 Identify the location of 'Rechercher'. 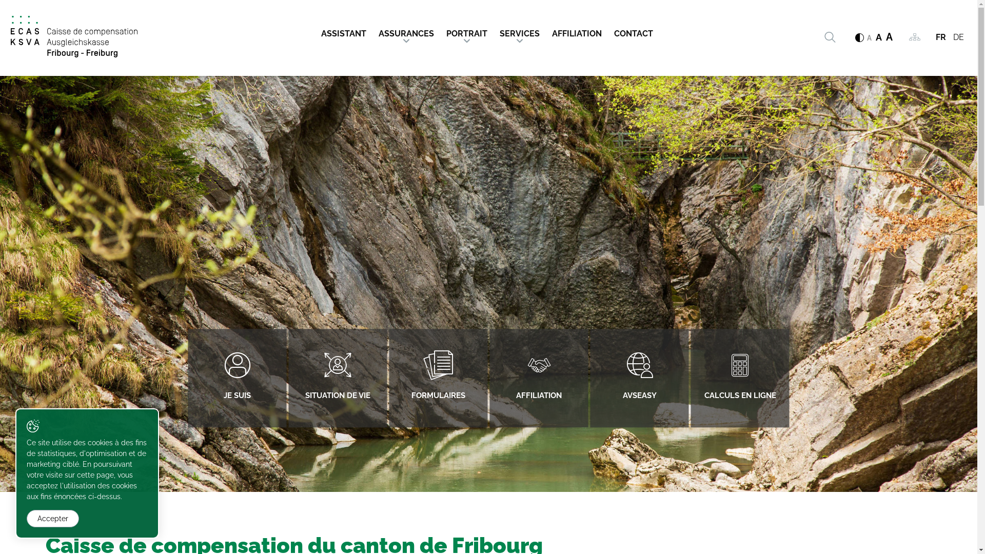
(814, 37).